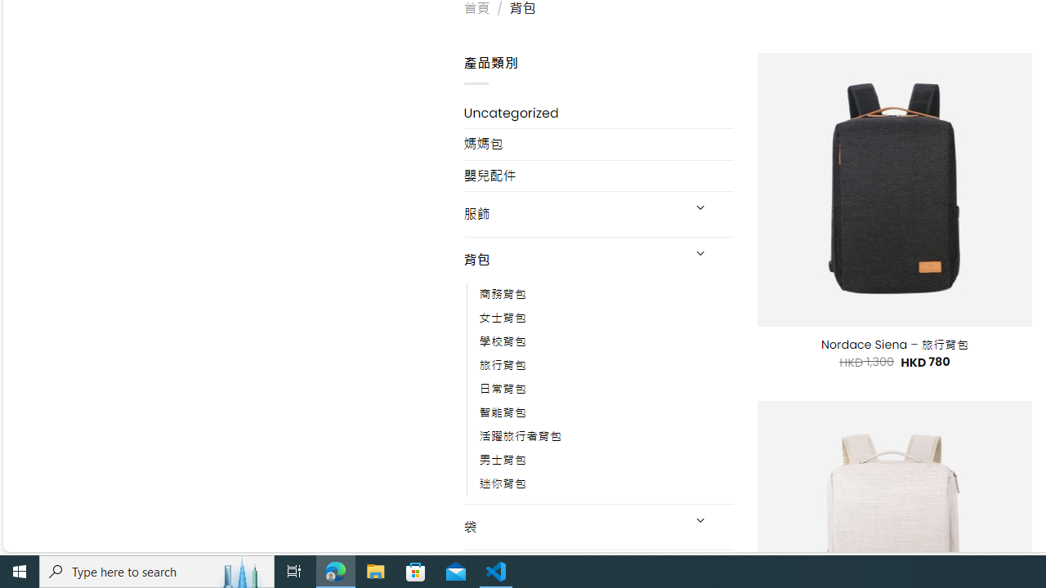 Image resolution: width=1046 pixels, height=588 pixels. What do you see at coordinates (597, 112) in the screenshot?
I see `'Uncategorized'` at bounding box center [597, 112].